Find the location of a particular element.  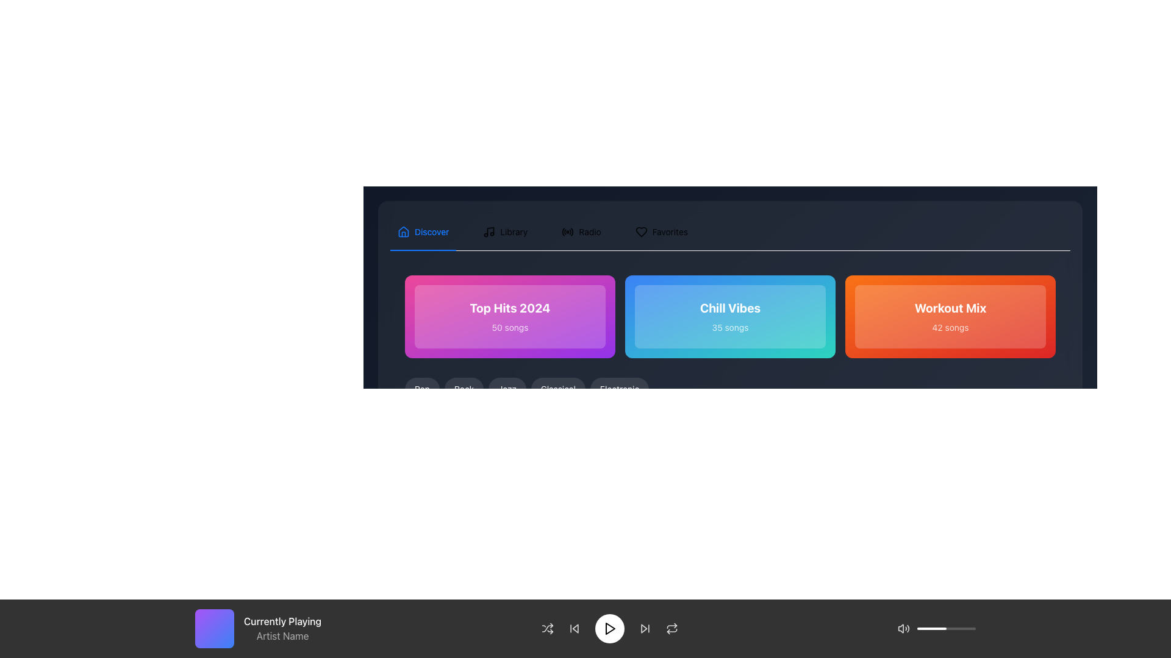

the backward arrow-shaped button in the music playback controls is located at coordinates (575, 629).